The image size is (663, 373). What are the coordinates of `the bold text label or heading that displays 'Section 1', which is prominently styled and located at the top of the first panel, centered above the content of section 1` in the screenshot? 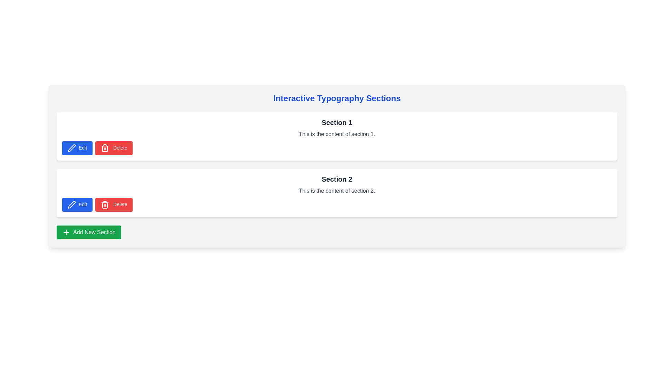 It's located at (337, 122).